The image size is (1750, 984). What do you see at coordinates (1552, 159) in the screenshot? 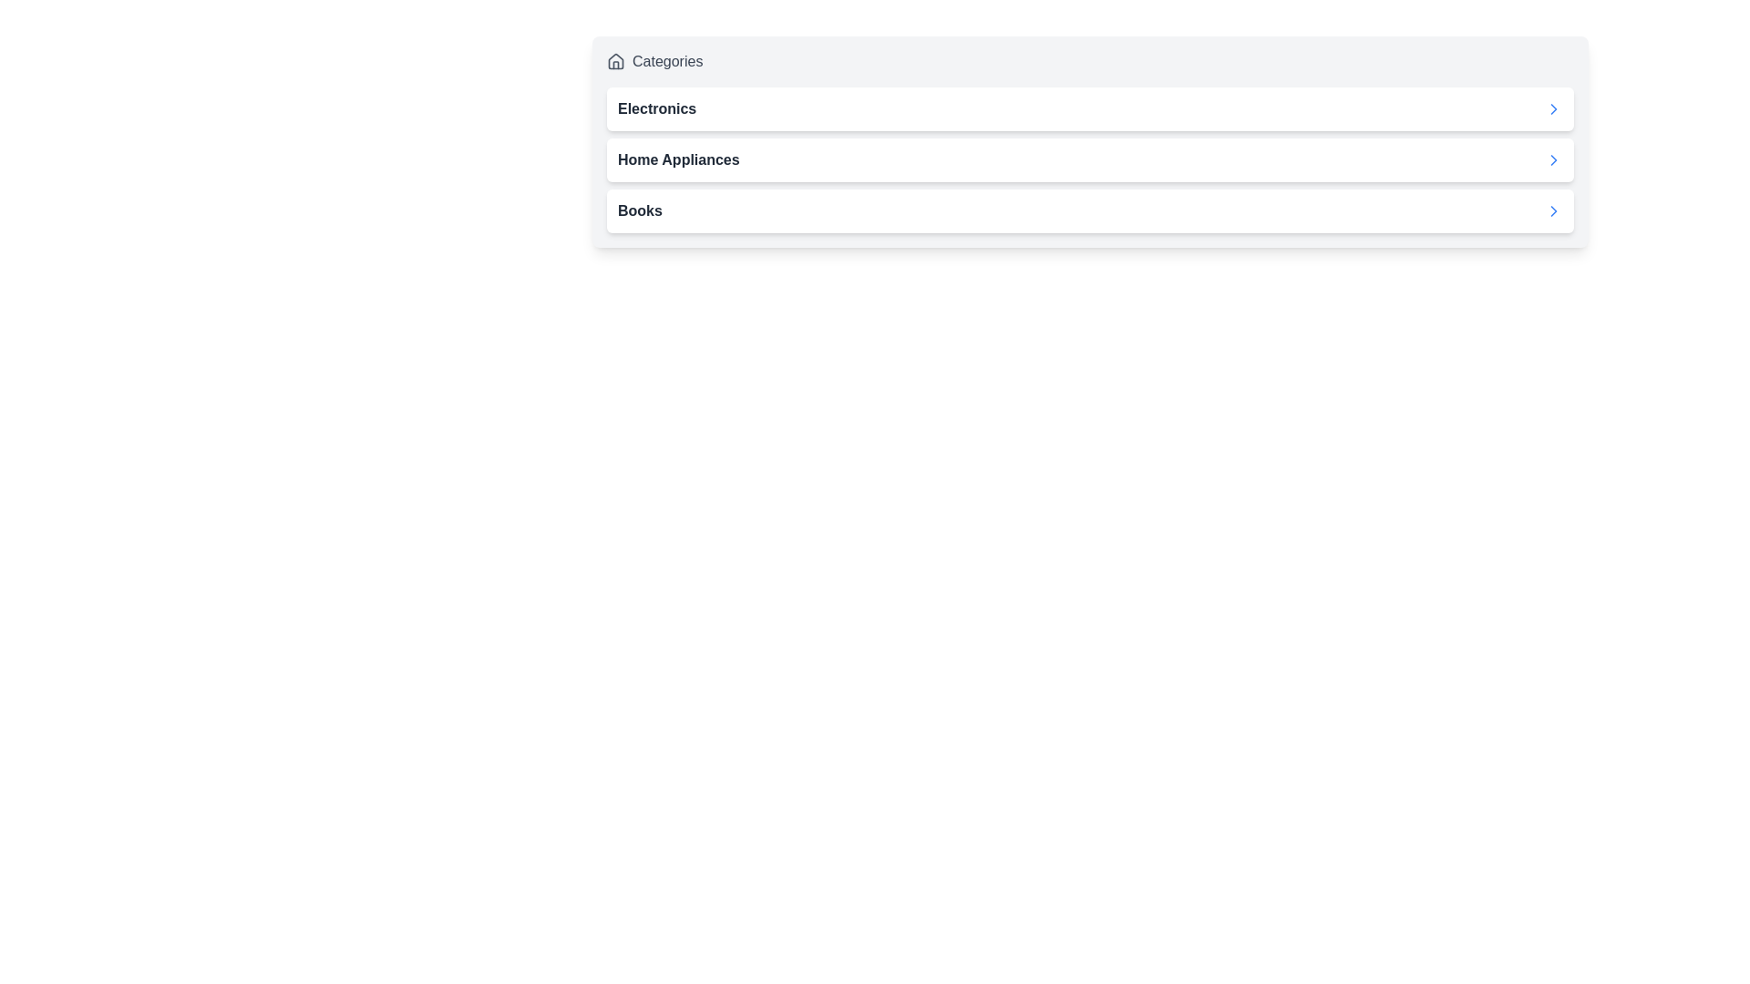
I see `the right-facing chevron icon with a blue hue located at the far-right side of the 'Home Appliances' card` at bounding box center [1552, 159].